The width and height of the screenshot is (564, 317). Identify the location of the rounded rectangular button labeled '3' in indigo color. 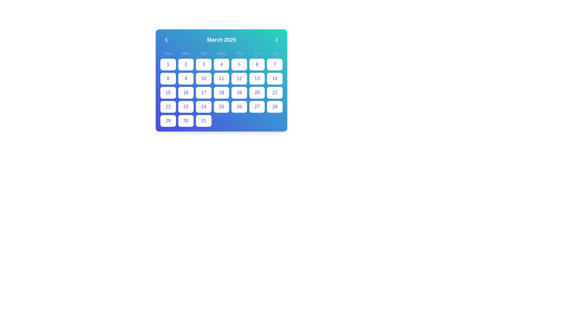
(204, 64).